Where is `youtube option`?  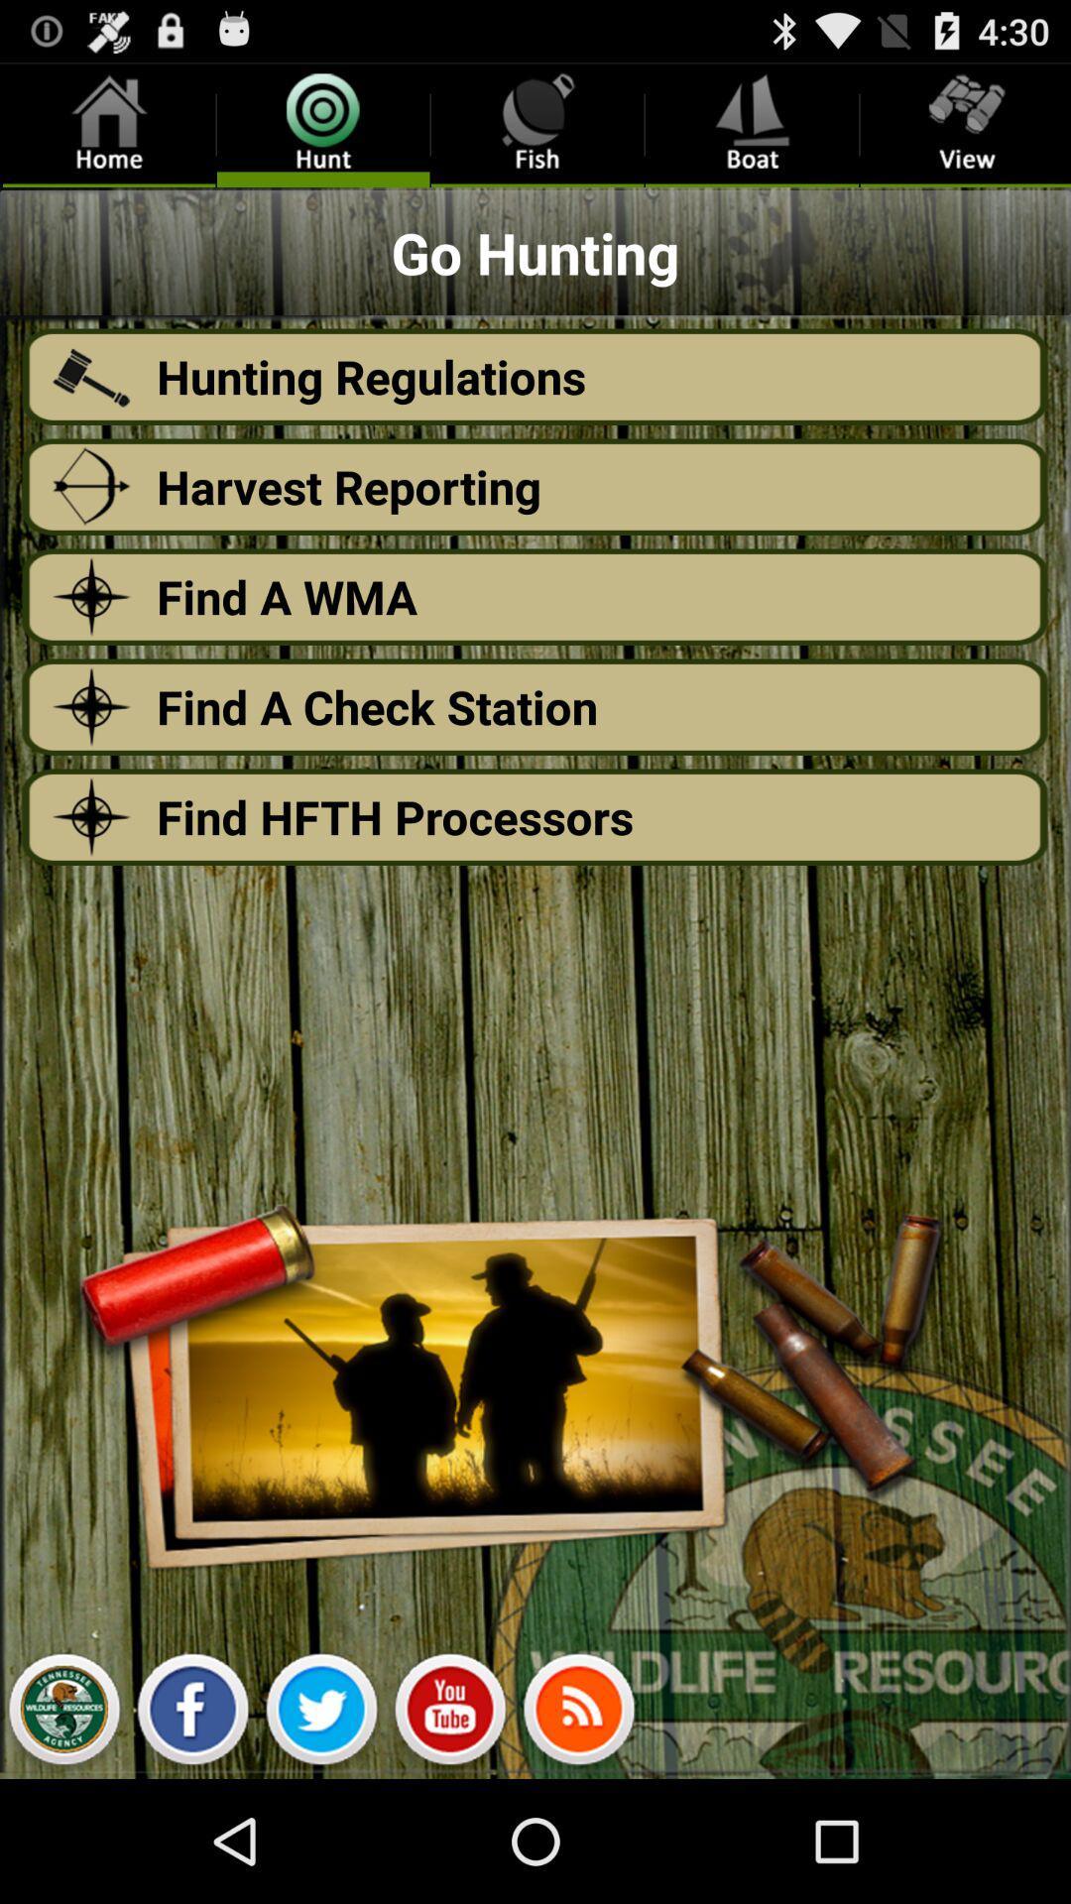 youtube option is located at coordinates (450, 1714).